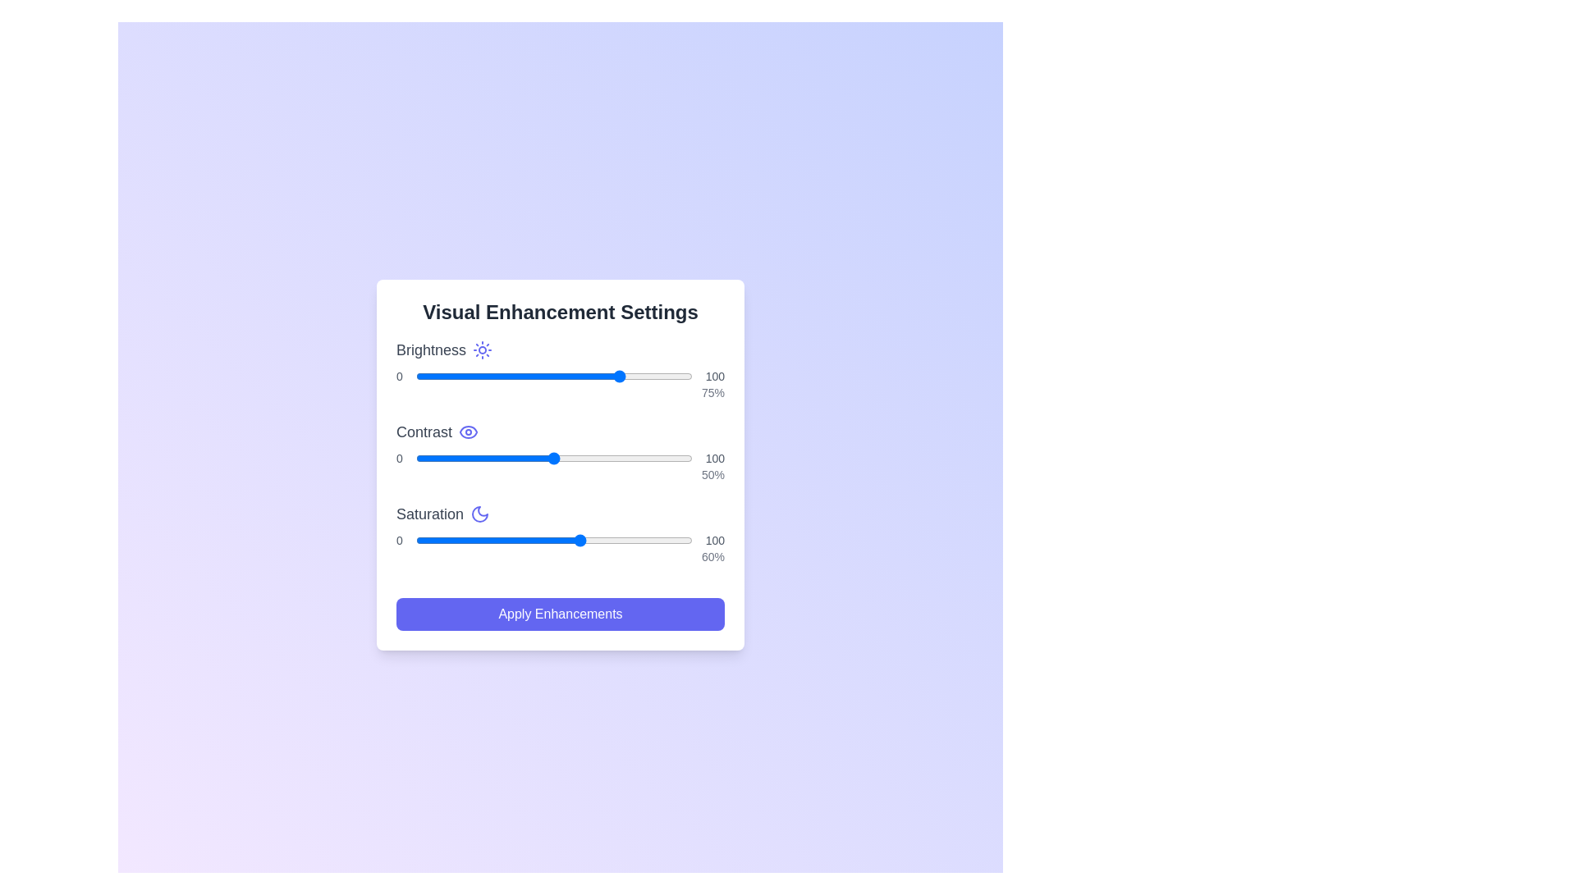 The image size is (1576, 886). I want to click on the contrast slider to set the contrast to 45%, so click(540, 459).